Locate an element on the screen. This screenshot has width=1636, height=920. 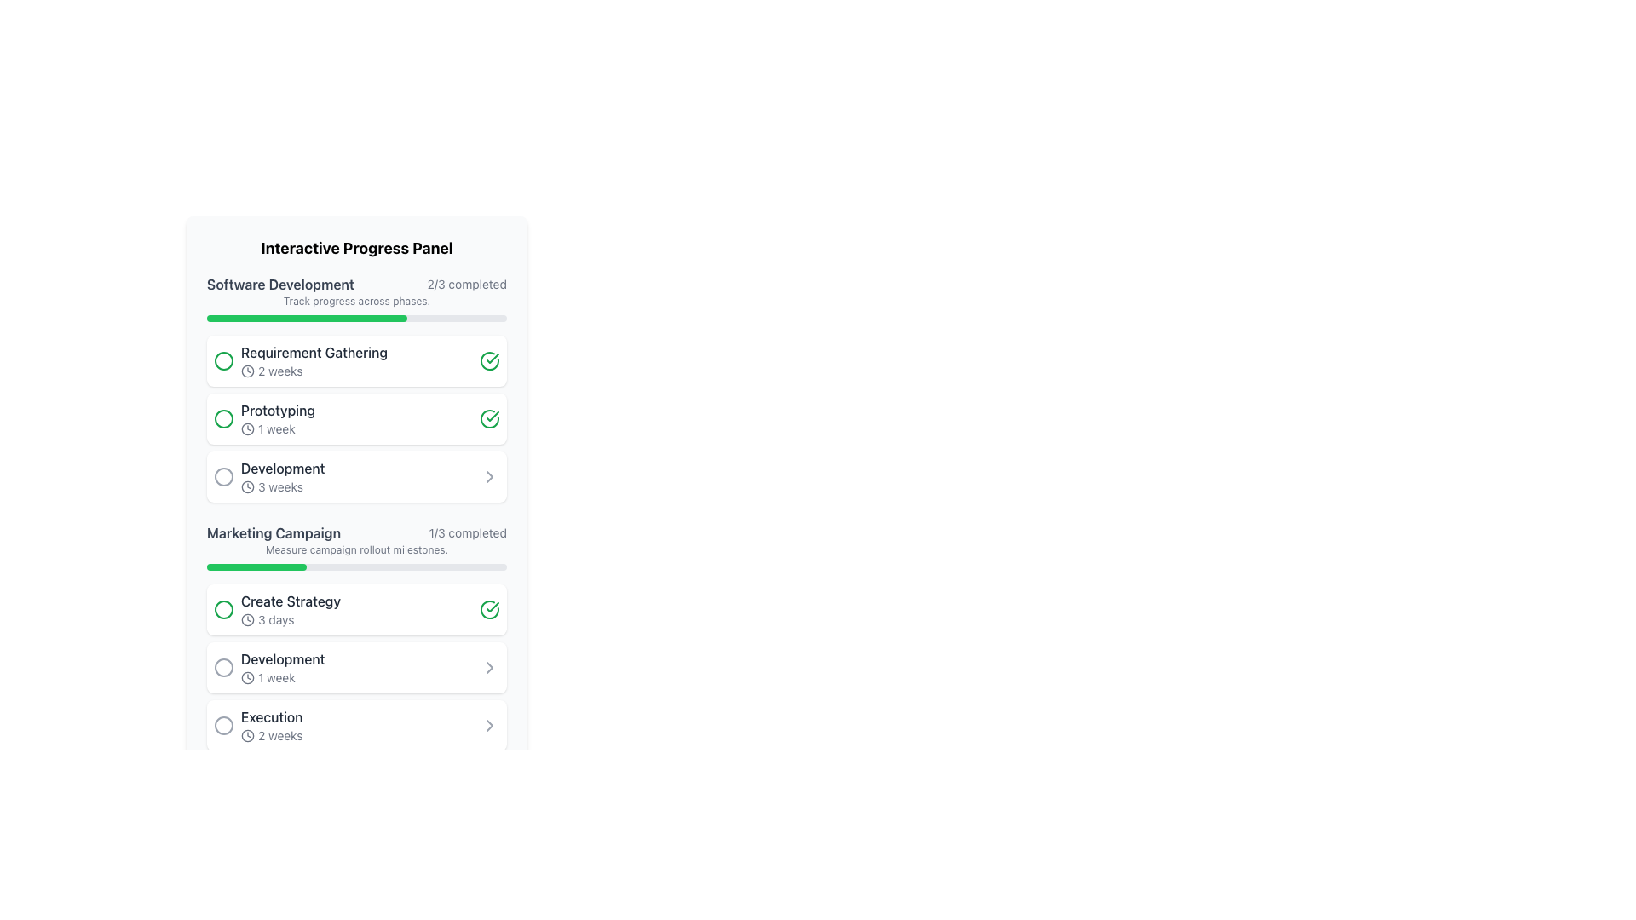
text of the third list item under the 'Marketing Campaign' section, which is named 'Execution' and has an estimated duration of '2 weeks' is located at coordinates (271, 726).